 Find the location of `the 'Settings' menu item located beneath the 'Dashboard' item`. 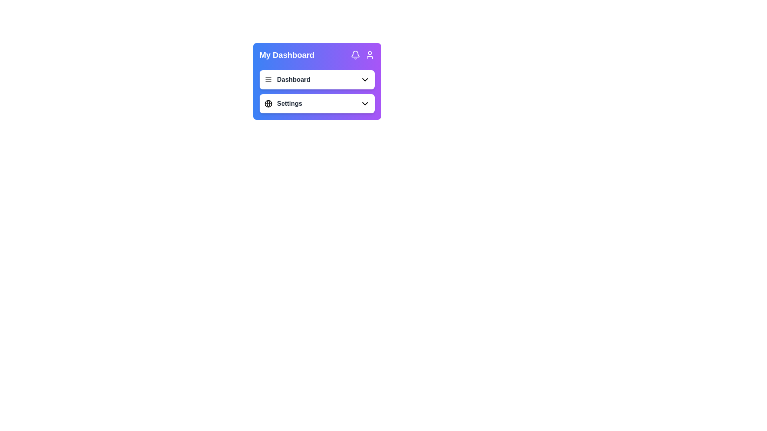

the 'Settings' menu item located beneath the 'Dashboard' item is located at coordinates (316, 103).